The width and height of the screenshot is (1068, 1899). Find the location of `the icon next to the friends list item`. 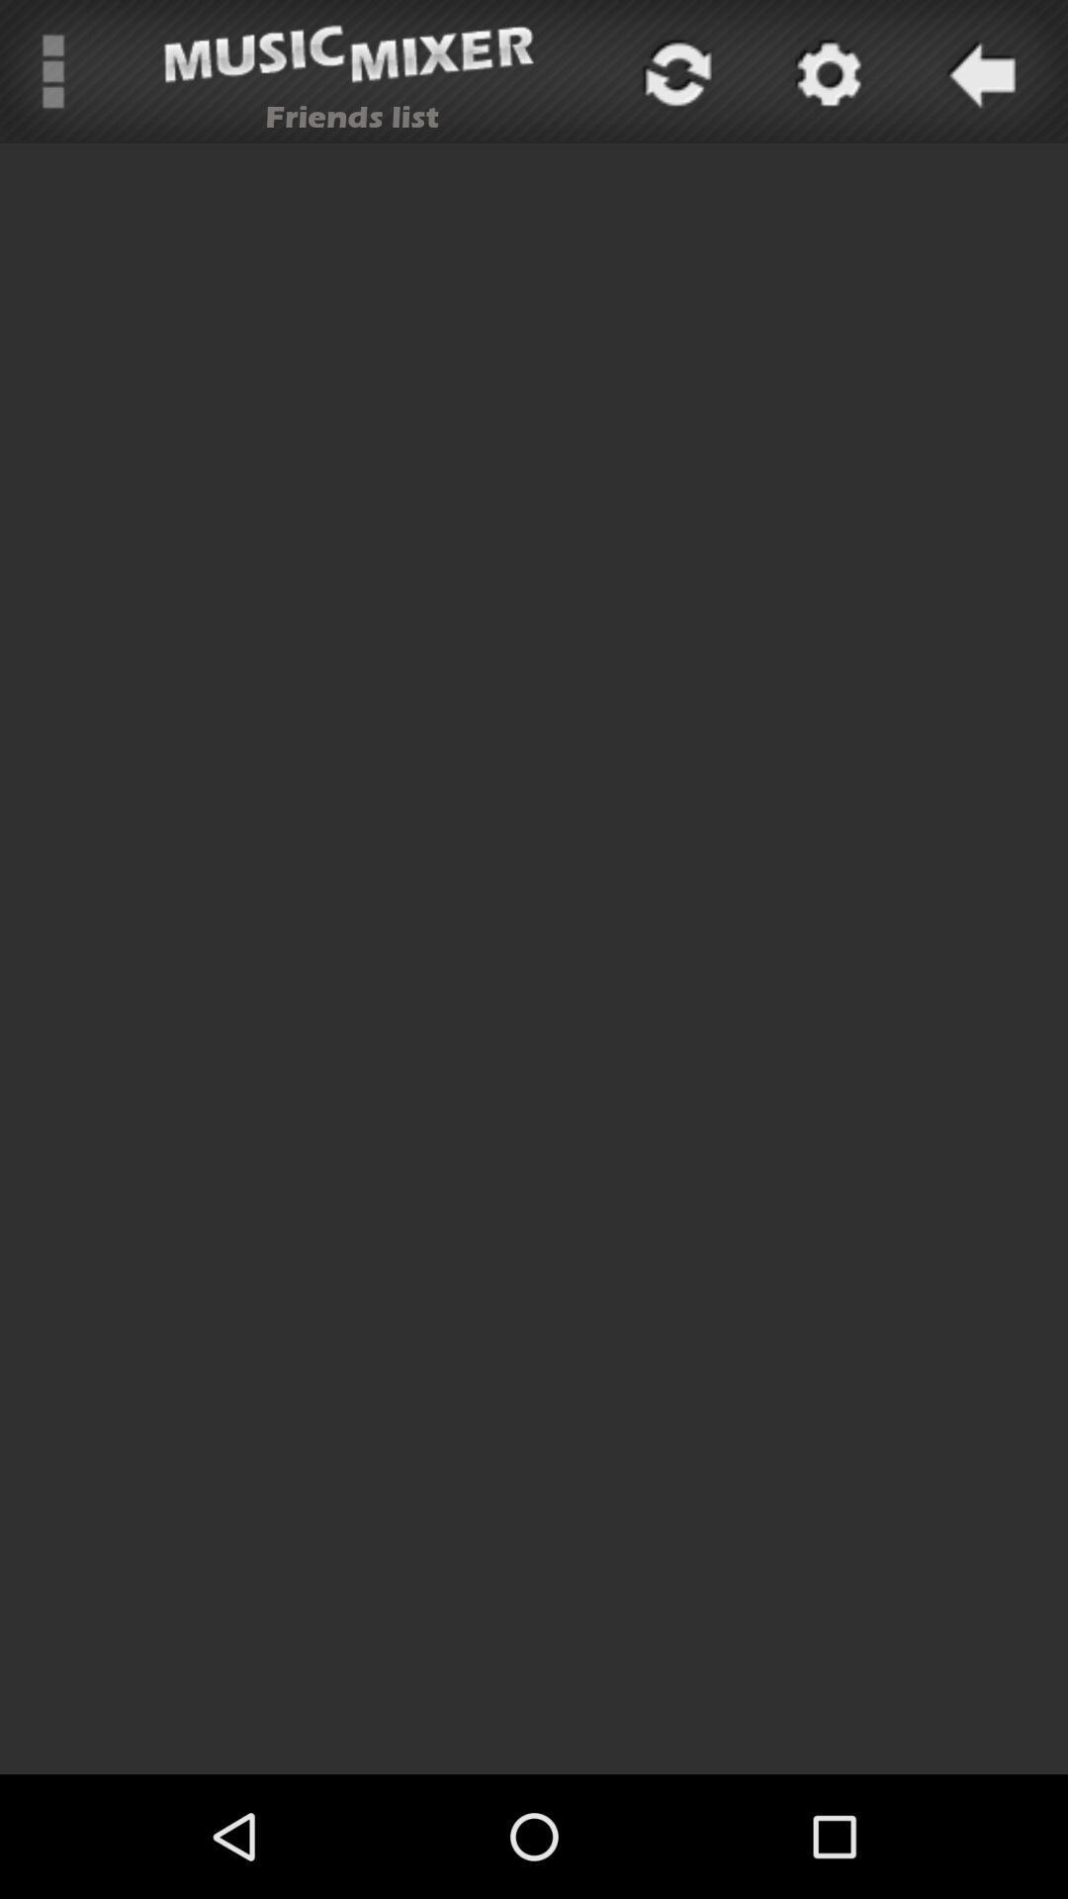

the icon next to the friends list item is located at coordinates (52, 71).